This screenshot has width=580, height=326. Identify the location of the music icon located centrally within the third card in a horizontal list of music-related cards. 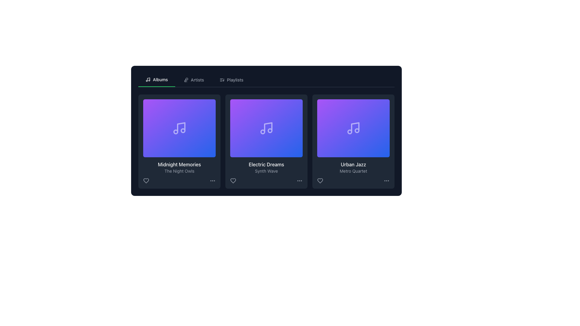
(353, 128).